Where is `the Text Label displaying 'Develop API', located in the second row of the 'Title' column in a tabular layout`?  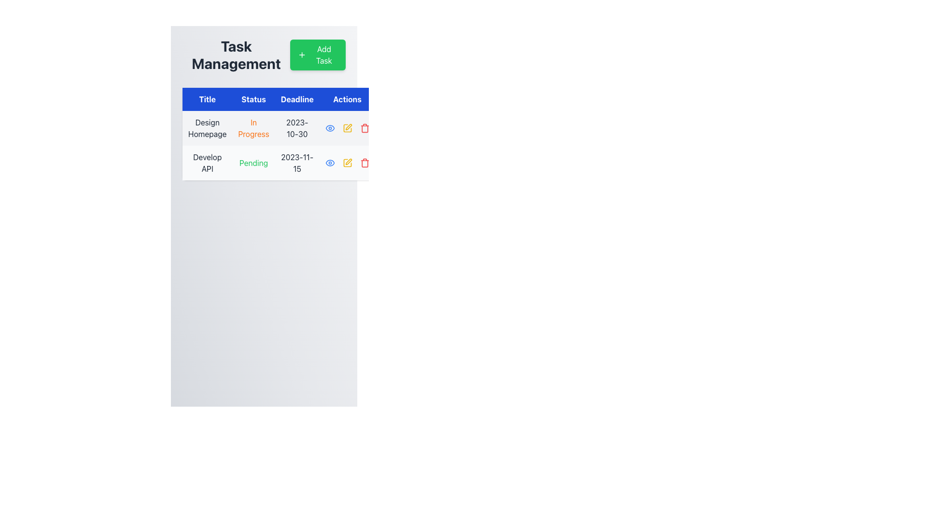
the Text Label displaying 'Develop API', located in the second row of the 'Title' column in a tabular layout is located at coordinates (207, 163).